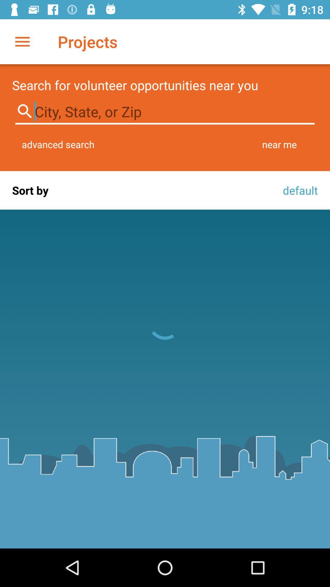  Describe the element at coordinates (58, 144) in the screenshot. I see `advanced search item` at that location.